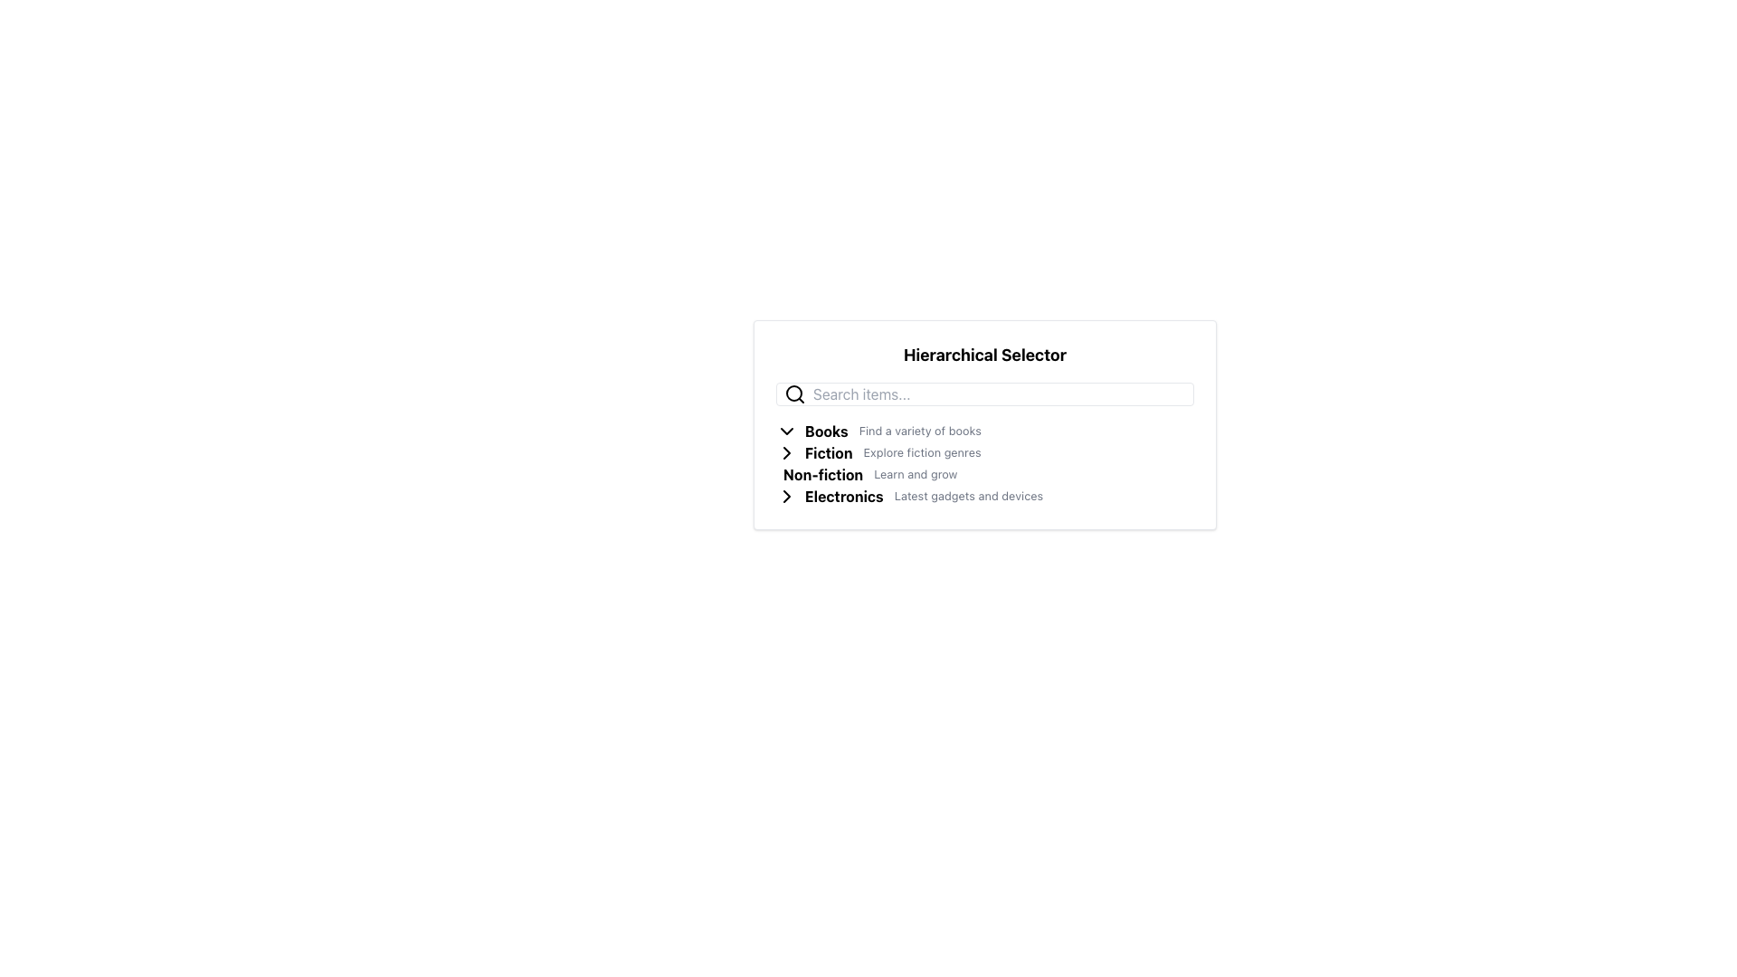 The height and width of the screenshot is (977, 1737). What do you see at coordinates (843, 496) in the screenshot?
I see `the 'Electronics' text label located below the 'Non-fiction' item in the hierarchical selector menu` at bounding box center [843, 496].